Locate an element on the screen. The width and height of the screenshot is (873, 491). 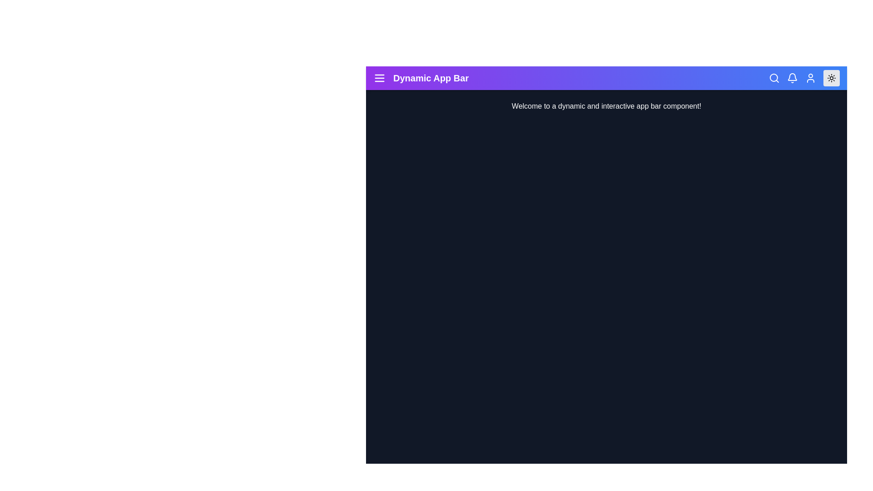
the search icon to initiate a search operation is located at coordinates (774, 78).